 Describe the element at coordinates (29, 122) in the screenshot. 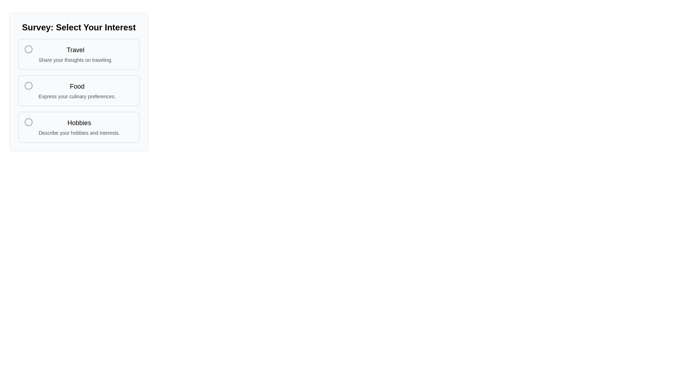

I see `the Circular Icon or Unselected Radio Button for the 'Hobbies' category in the survey` at that location.